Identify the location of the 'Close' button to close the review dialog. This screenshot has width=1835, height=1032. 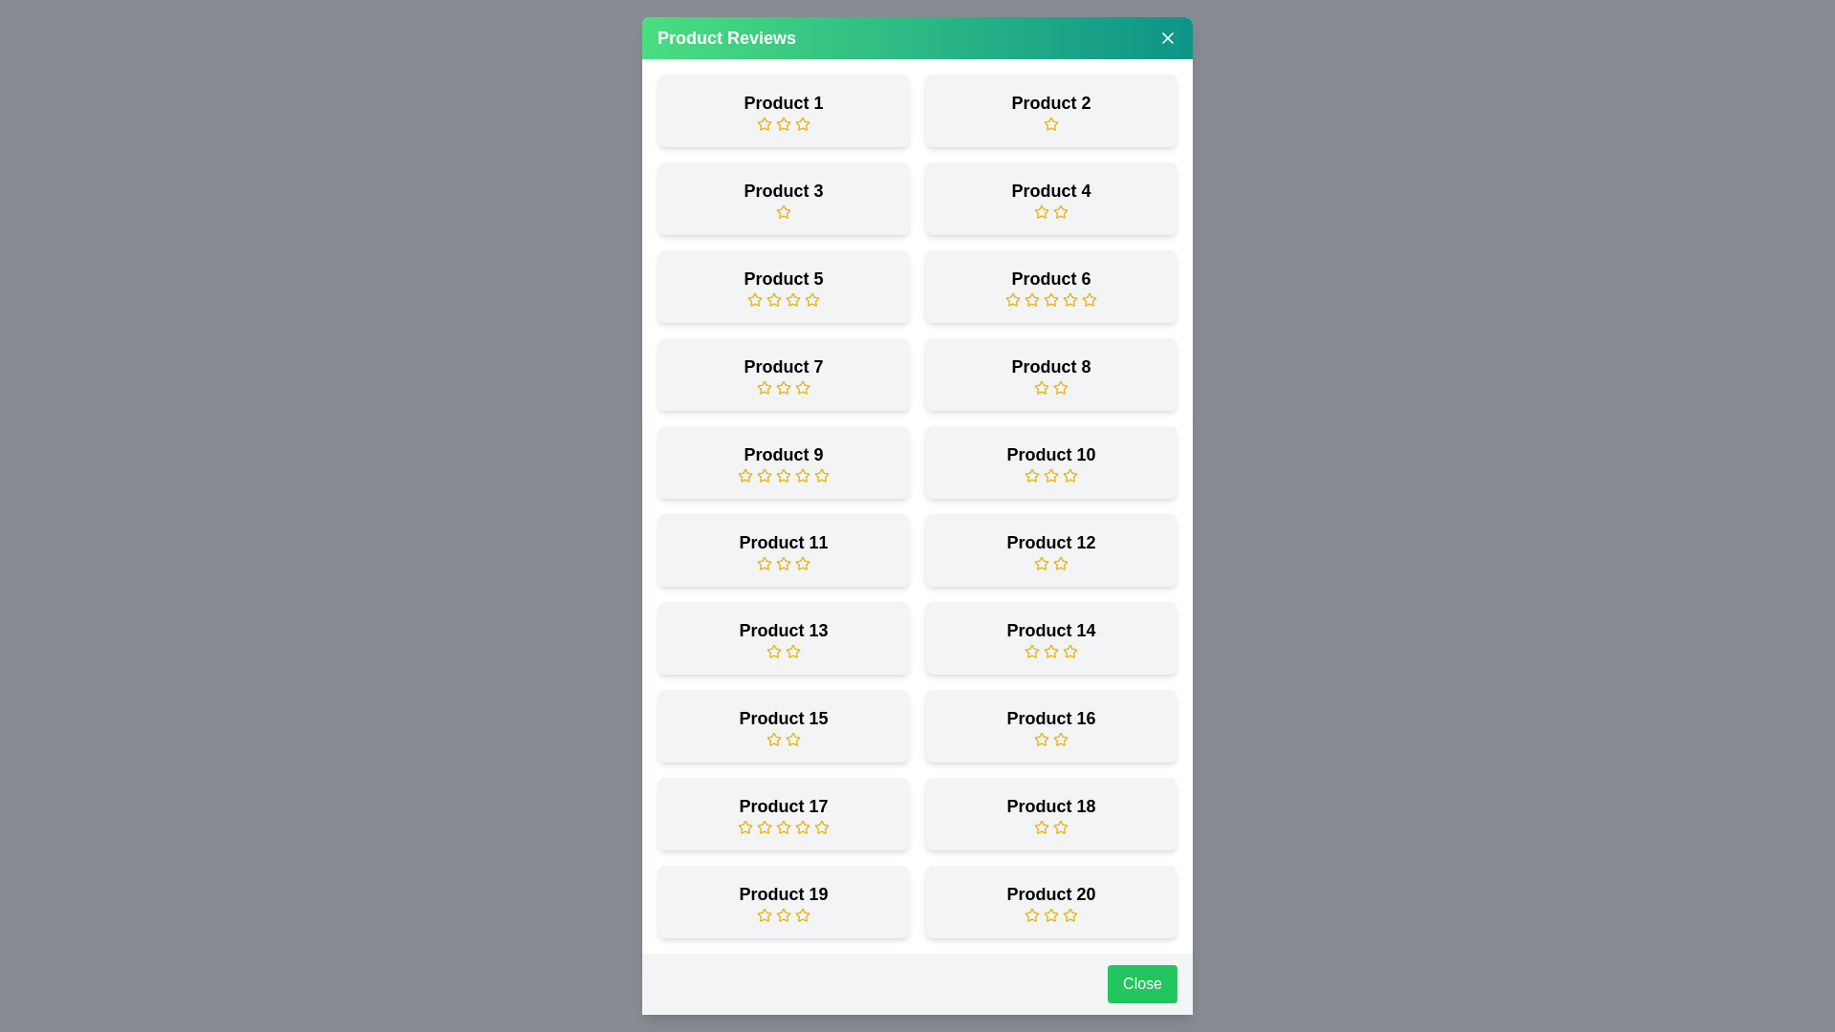
(1142, 983).